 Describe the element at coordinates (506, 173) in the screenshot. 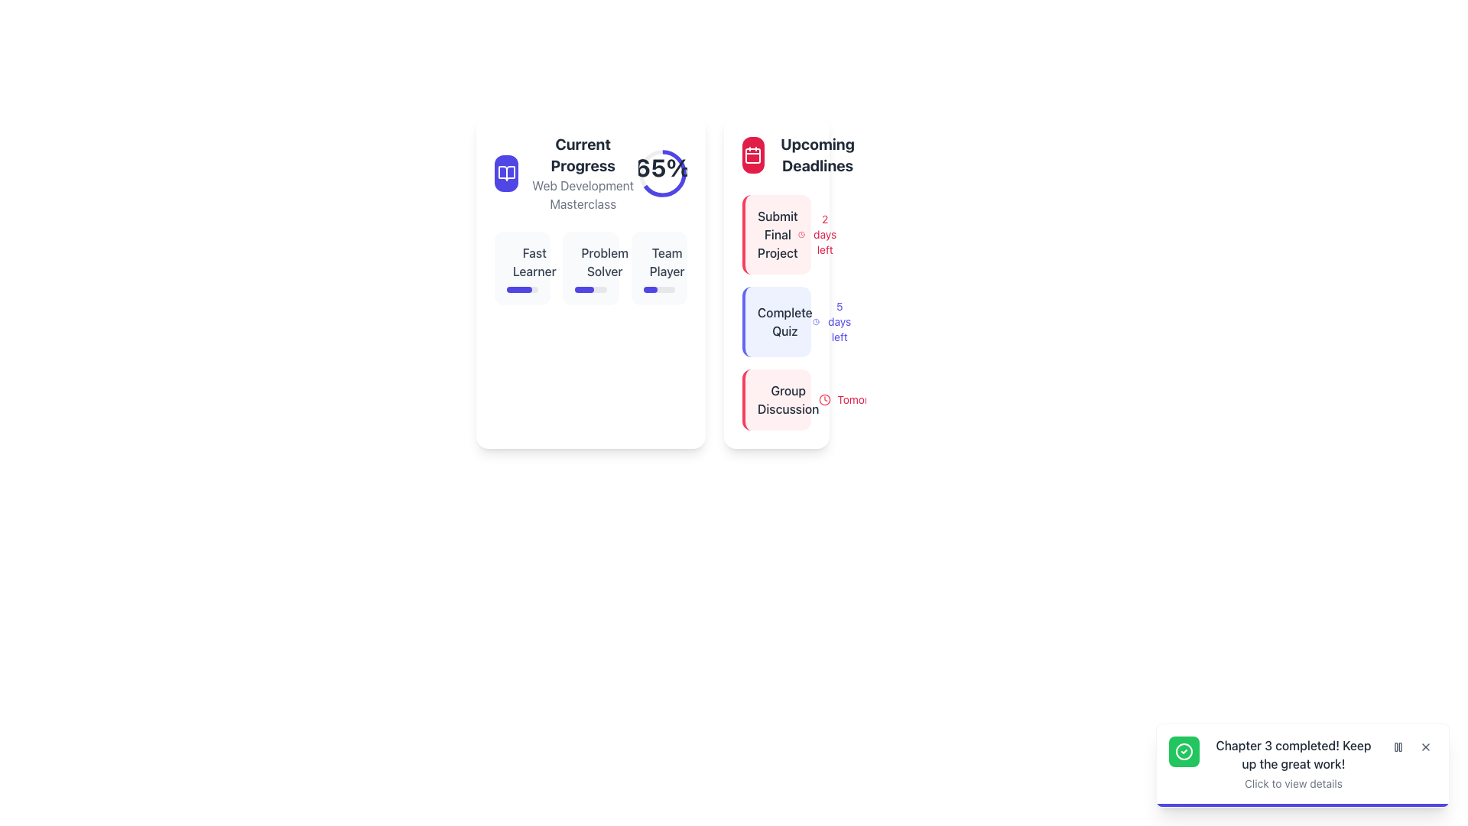

I see `the book icon located in the leftmost section near the top part of the interface, which represents progress or learning` at that location.